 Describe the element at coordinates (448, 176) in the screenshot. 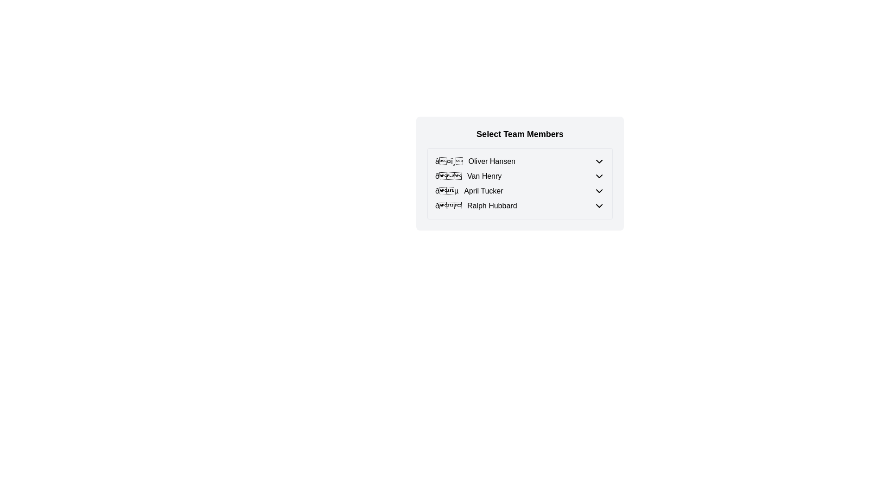

I see `the static emoji icon '🌟' that precedes the name 'Van Henry' in the list` at that location.